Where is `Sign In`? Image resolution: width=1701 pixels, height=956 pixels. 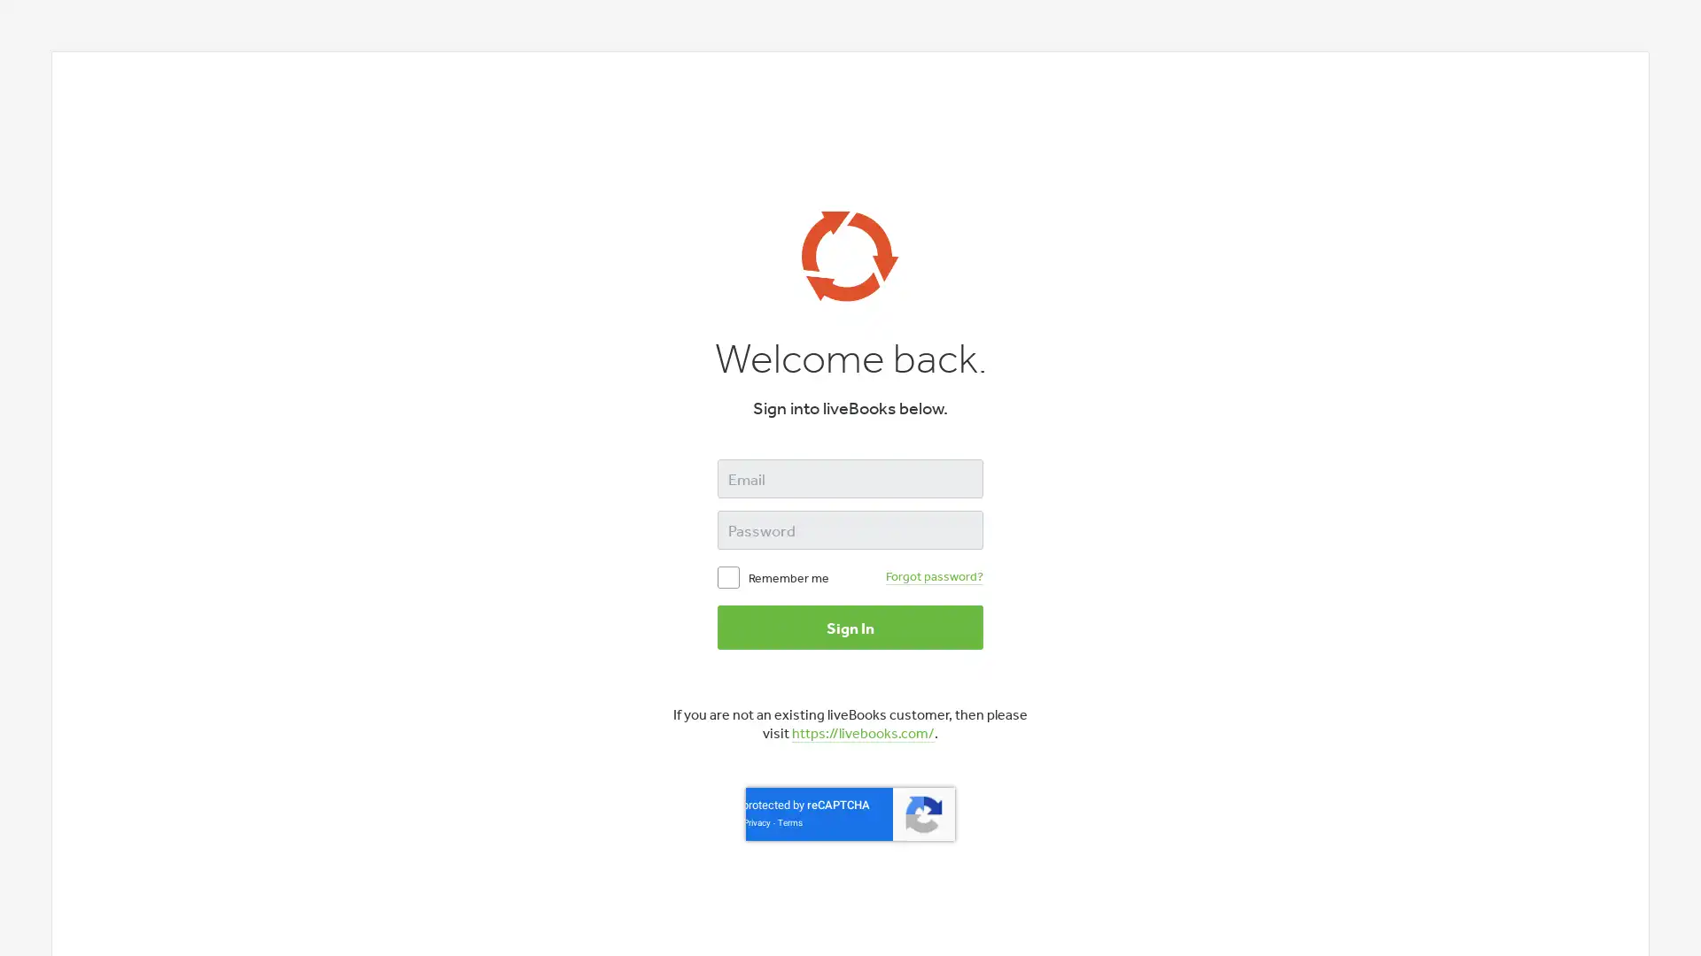
Sign In is located at coordinates (850, 627).